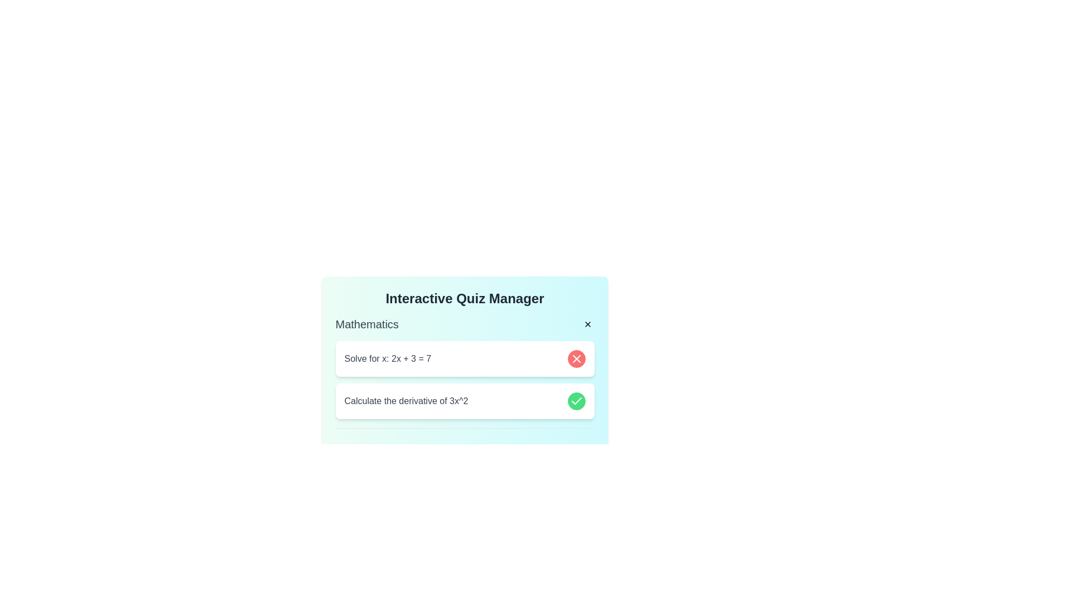 This screenshot has height=602, width=1071. What do you see at coordinates (576, 359) in the screenshot?
I see `the close icon in the top-right corner of the 'Interactive Quiz Manager' interface` at bounding box center [576, 359].